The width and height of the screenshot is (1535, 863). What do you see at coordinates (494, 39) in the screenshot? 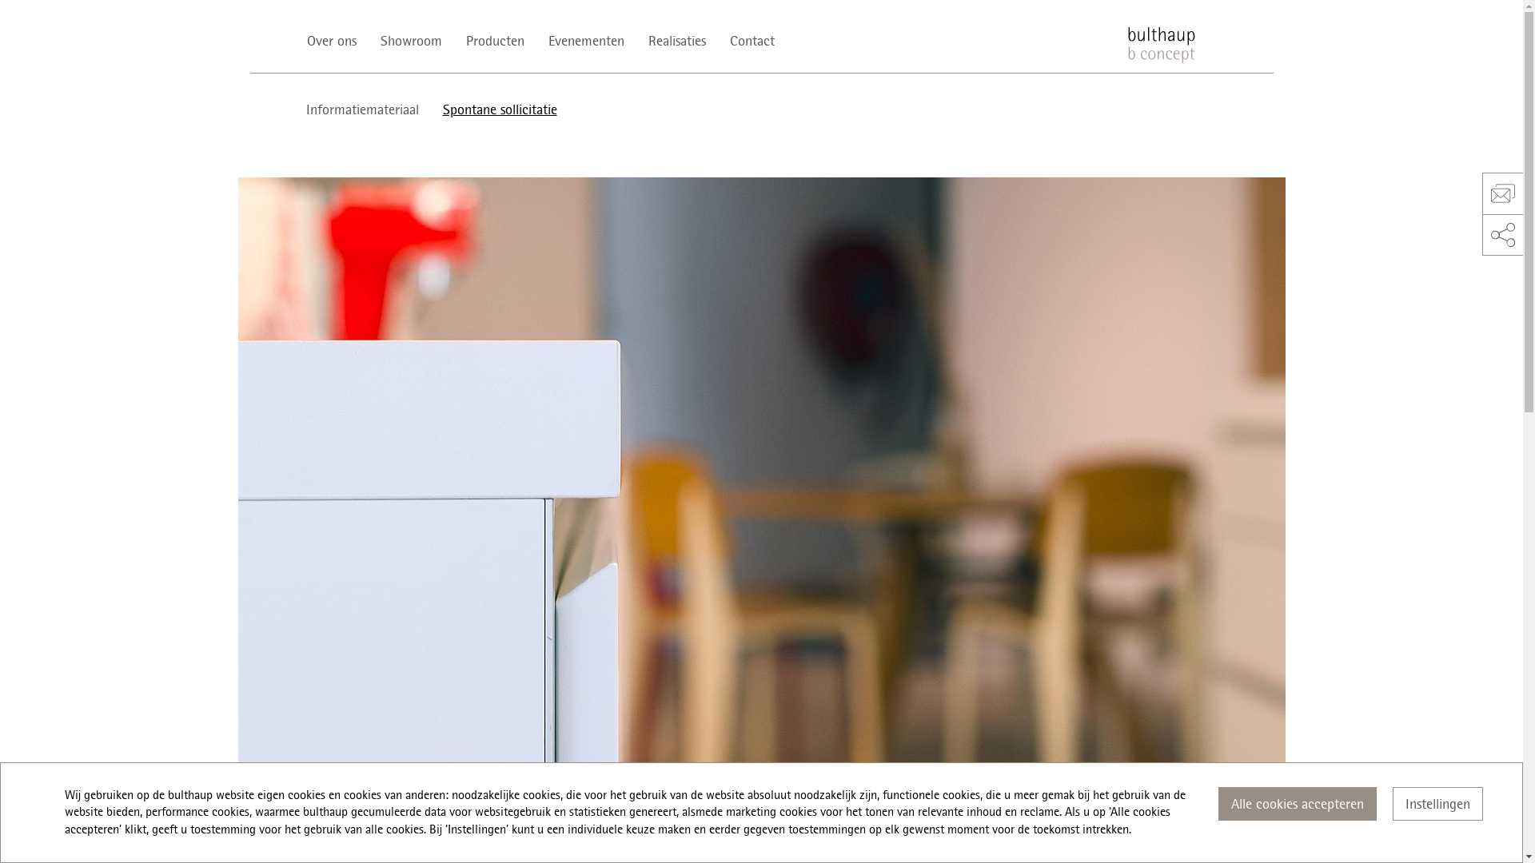
I see `'Producten'` at bounding box center [494, 39].